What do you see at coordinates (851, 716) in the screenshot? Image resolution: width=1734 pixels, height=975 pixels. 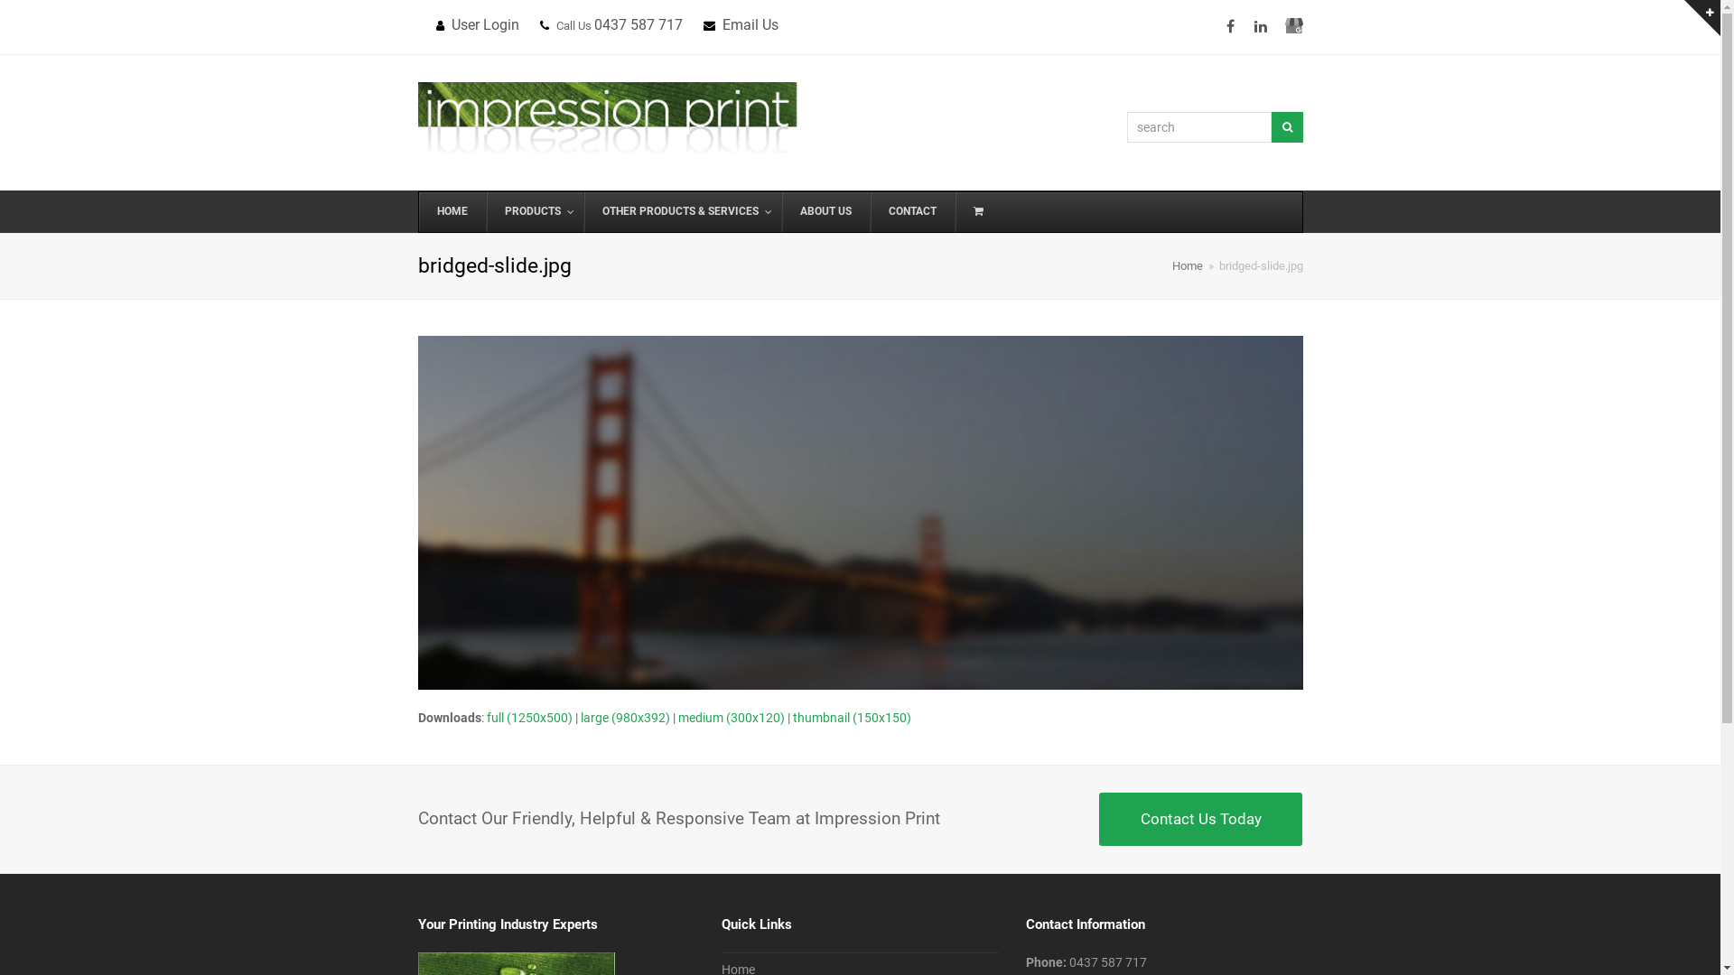 I see `'thumbnail (150x150)'` at bounding box center [851, 716].